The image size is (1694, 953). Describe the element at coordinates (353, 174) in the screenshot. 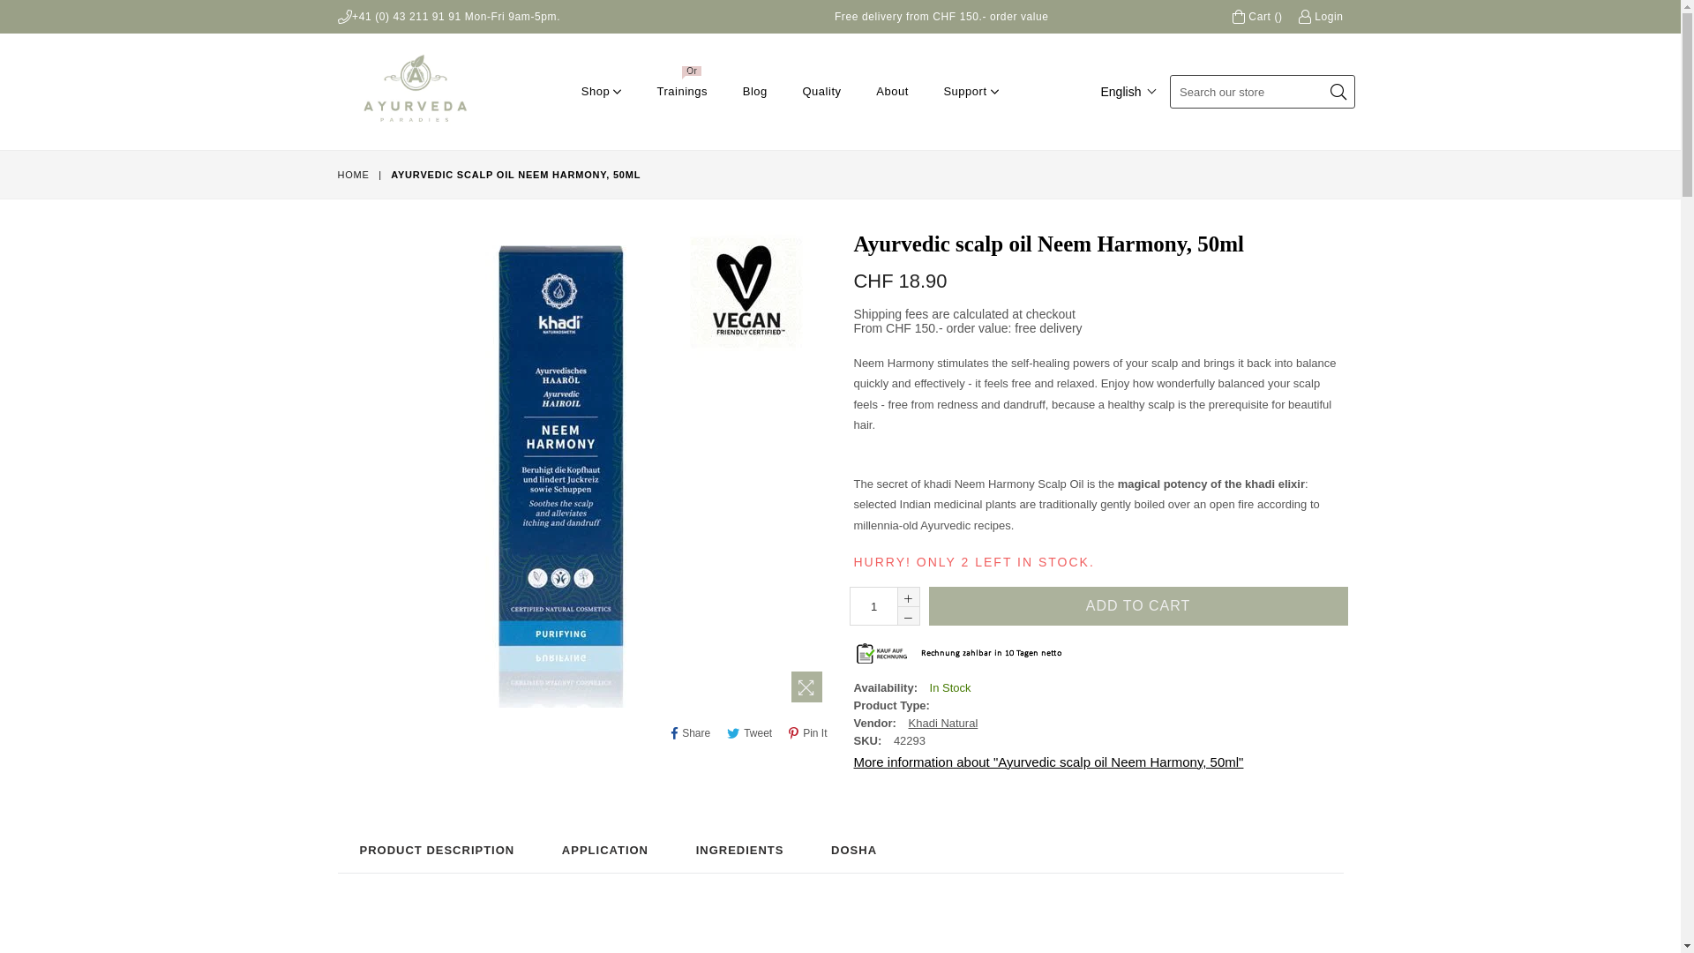

I see `'HOME'` at that location.